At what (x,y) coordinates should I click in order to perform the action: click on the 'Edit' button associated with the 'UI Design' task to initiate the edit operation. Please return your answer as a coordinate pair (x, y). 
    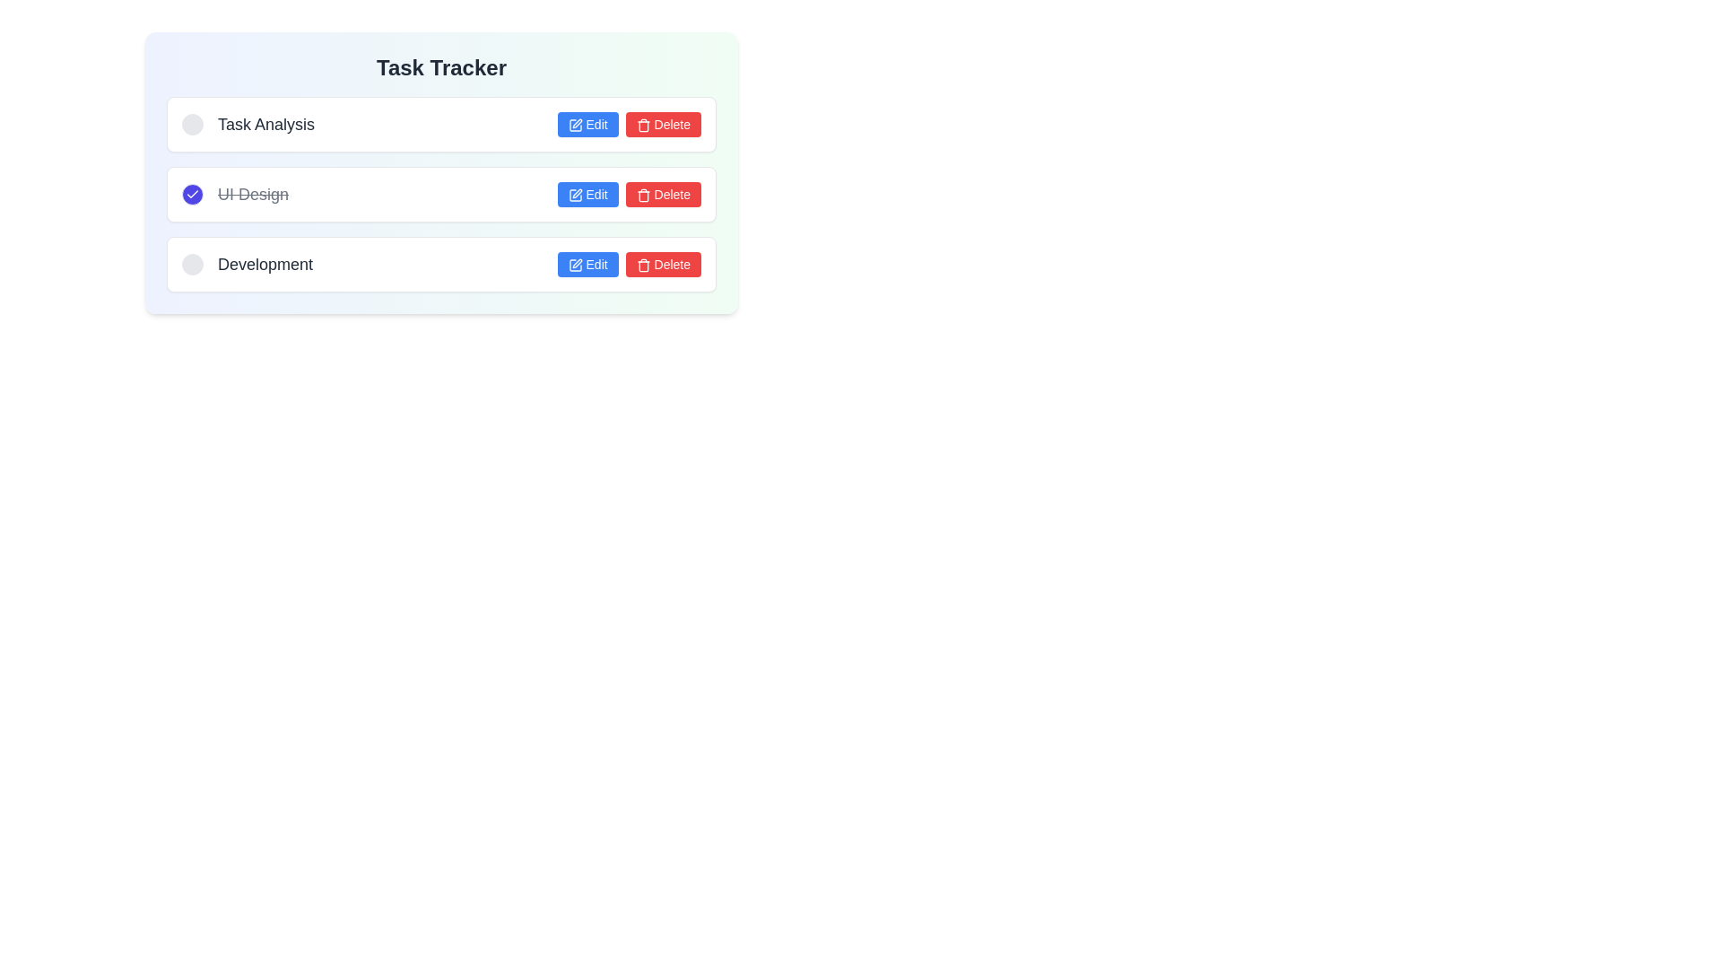
    Looking at the image, I should click on (575, 125).